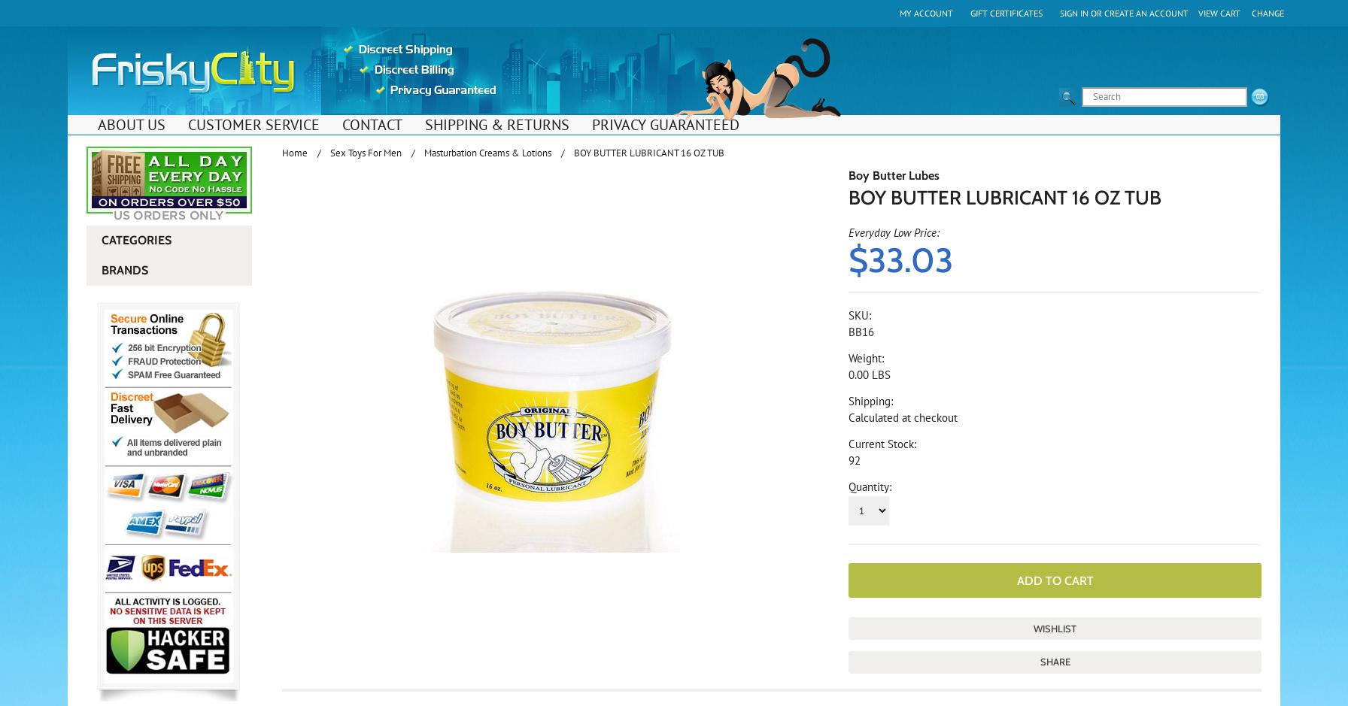 This screenshot has width=1348, height=706. Describe the element at coordinates (1146, 13) in the screenshot. I see `'Create an account'` at that location.